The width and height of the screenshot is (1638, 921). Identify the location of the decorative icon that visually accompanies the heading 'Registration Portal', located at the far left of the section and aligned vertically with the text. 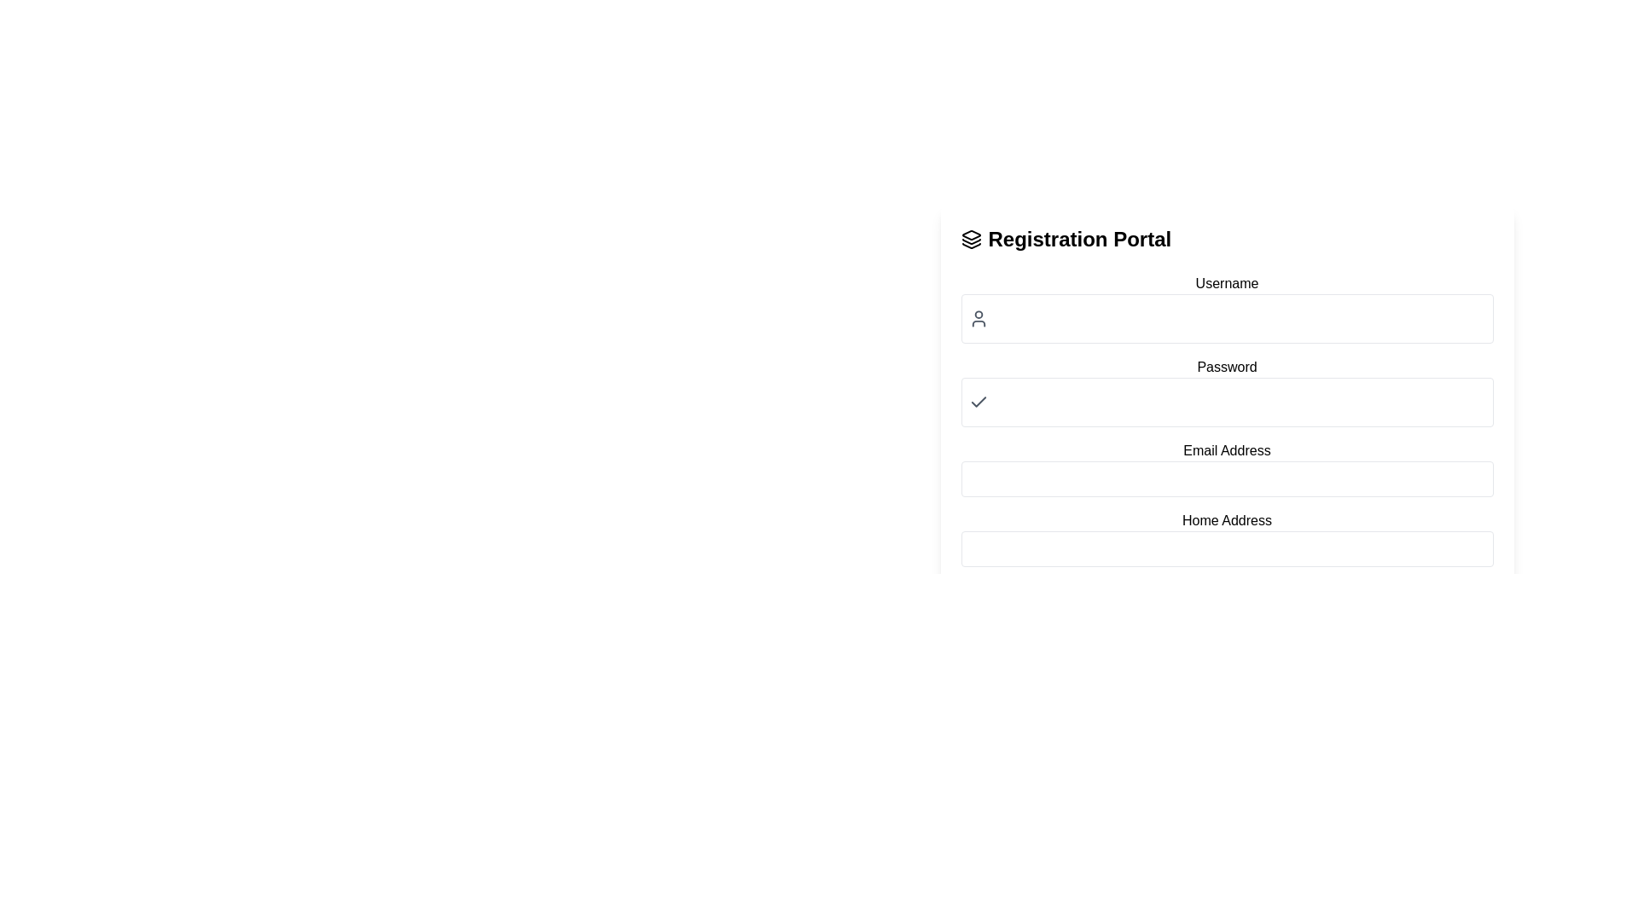
(971, 240).